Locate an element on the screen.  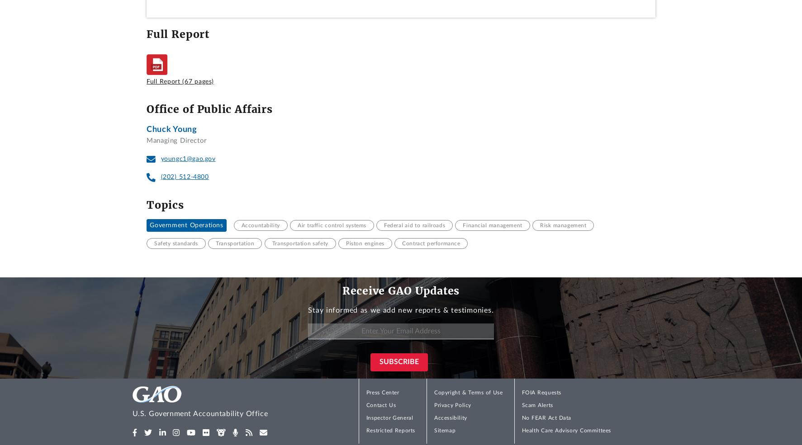
'Accessibility' is located at coordinates (434, 418).